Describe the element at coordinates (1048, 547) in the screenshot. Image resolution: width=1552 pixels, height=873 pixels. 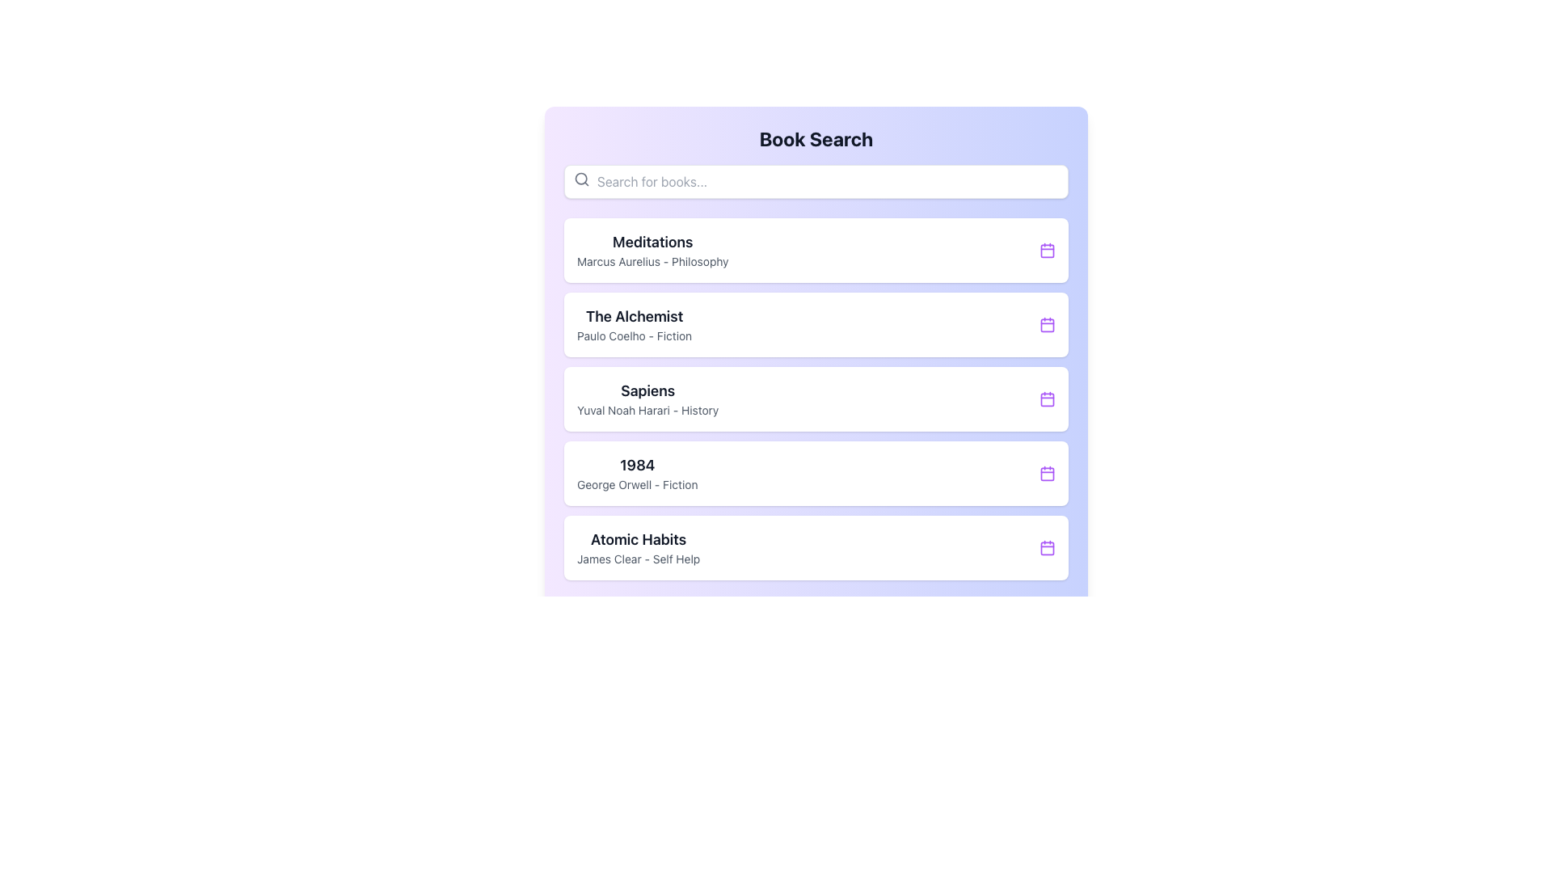
I see `the calendar icon associated with the 'Atomic Habits' book entry located to the right of the text 'Atomic Habits James Clear - Self Help'` at that location.